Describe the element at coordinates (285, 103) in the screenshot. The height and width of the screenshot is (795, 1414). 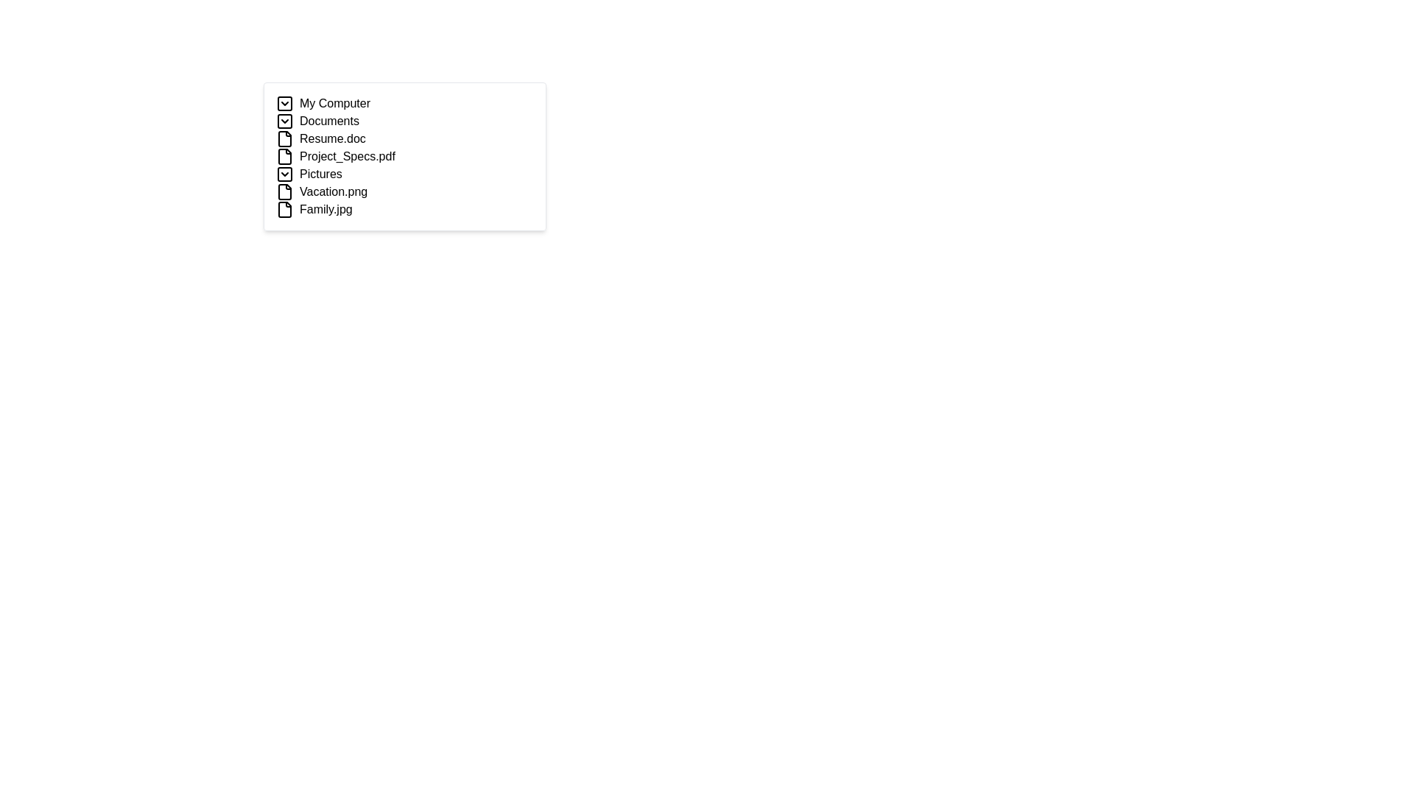
I see `the downward pointing chevron arrow icon next to the 'My Computer' label` at that location.